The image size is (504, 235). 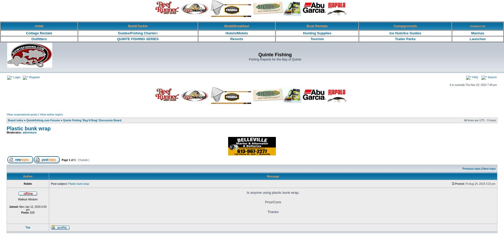 I want to click on 'Top', so click(x=28, y=227).